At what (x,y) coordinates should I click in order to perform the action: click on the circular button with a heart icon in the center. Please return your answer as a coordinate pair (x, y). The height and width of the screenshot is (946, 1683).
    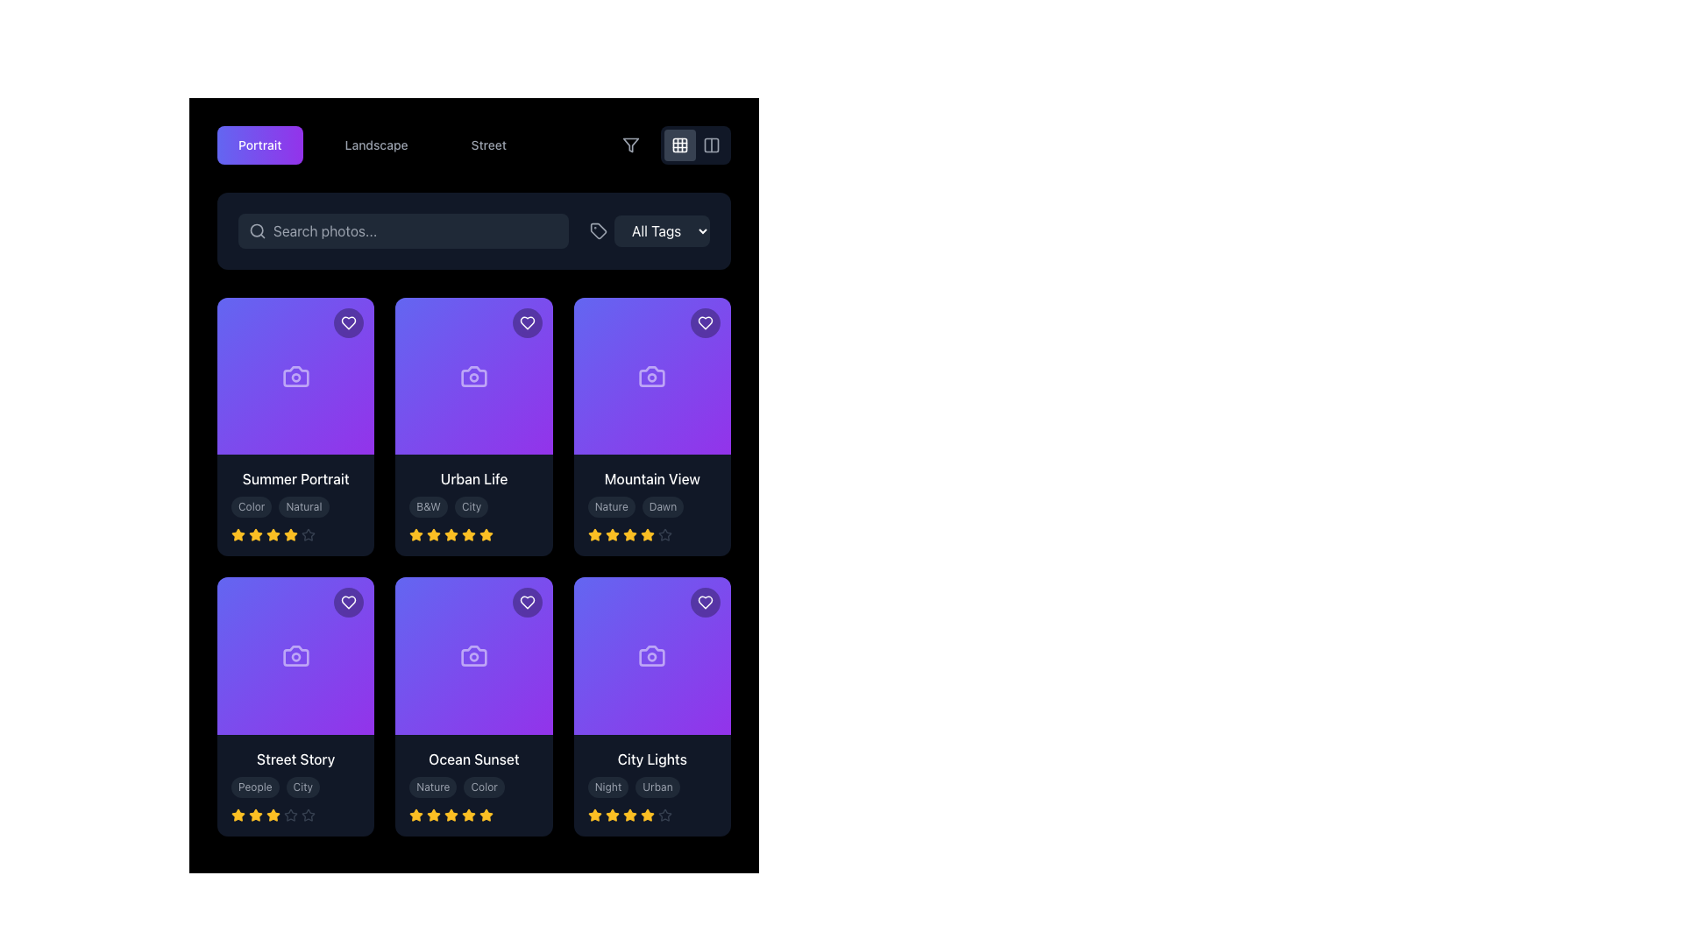
    Looking at the image, I should click on (526, 323).